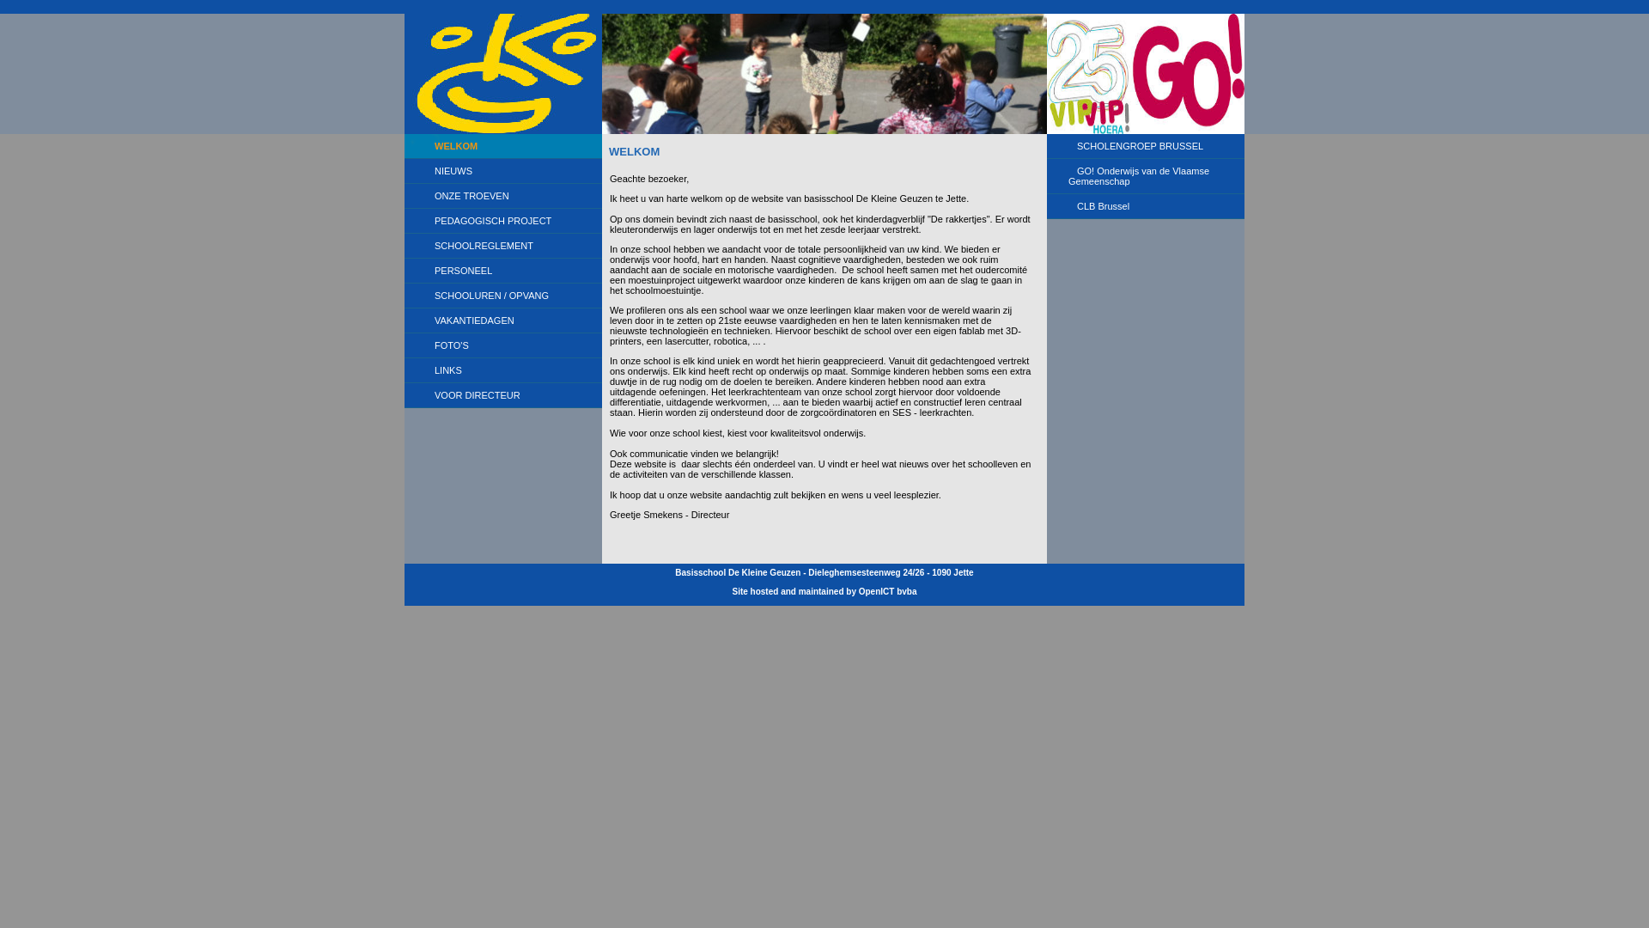  Describe the element at coordinates (502, 295) in the screenshot. I see `'SCHOOLUREN / OPVANG'` at that location.